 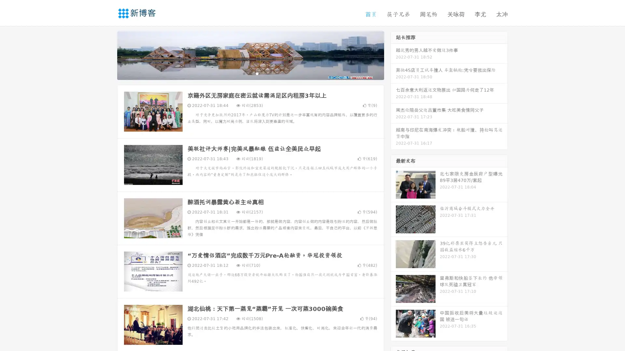 What do you see at coordinates (243, 73) in the screenshot?
I see `Go to slide 1` at bounding box center [243, 73].